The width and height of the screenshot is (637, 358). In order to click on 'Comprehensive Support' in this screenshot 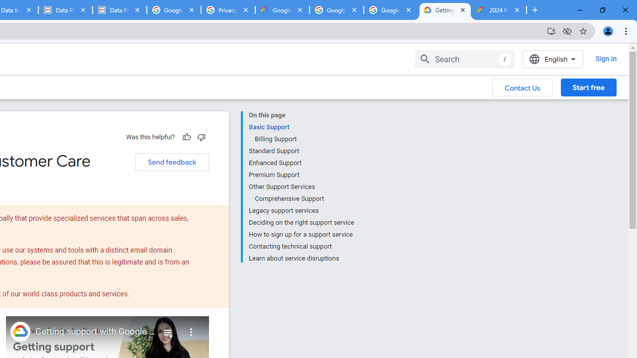, I will do `click(304, 198)`.